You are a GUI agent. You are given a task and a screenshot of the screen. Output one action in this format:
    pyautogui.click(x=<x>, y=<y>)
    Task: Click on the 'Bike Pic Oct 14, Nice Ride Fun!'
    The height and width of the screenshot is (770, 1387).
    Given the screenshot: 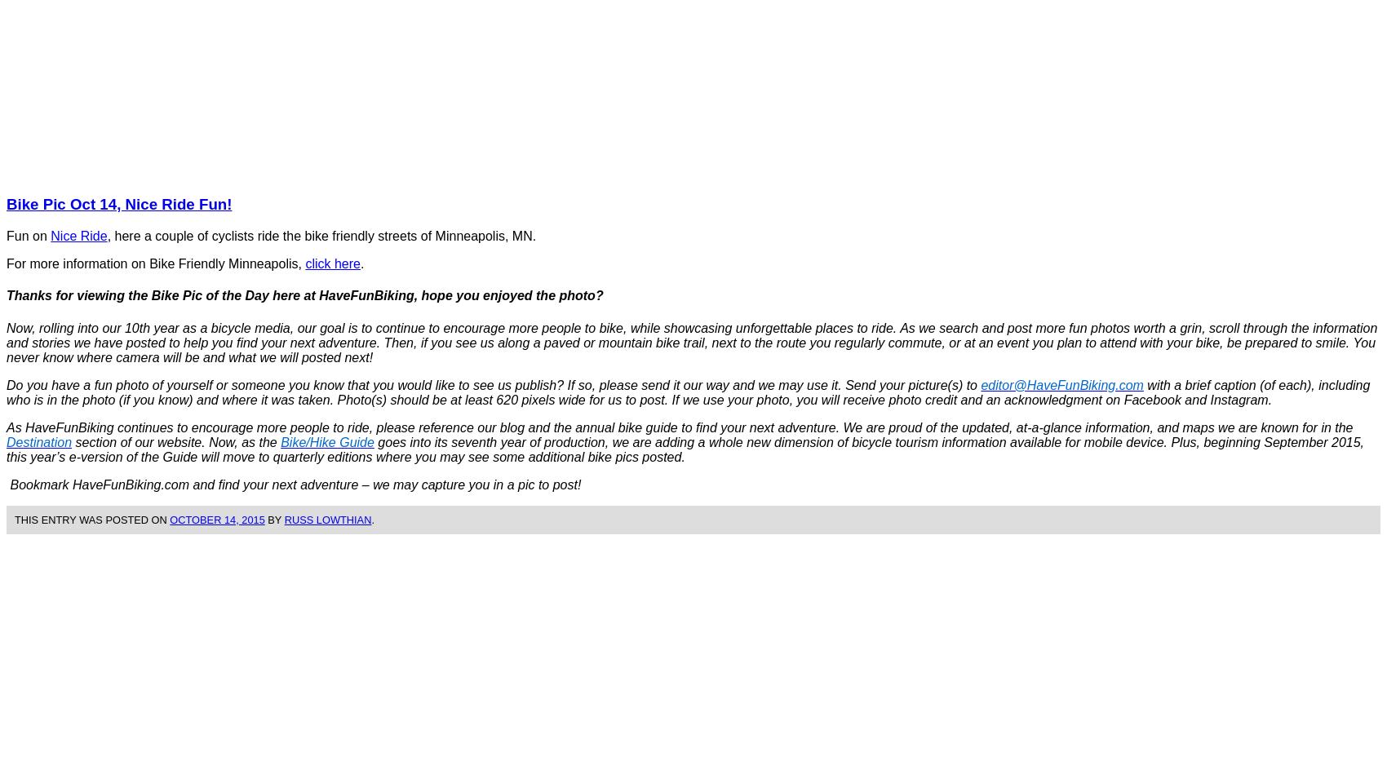 What is the action you would take?
    pyautogui.click(x=118, y=204)
    